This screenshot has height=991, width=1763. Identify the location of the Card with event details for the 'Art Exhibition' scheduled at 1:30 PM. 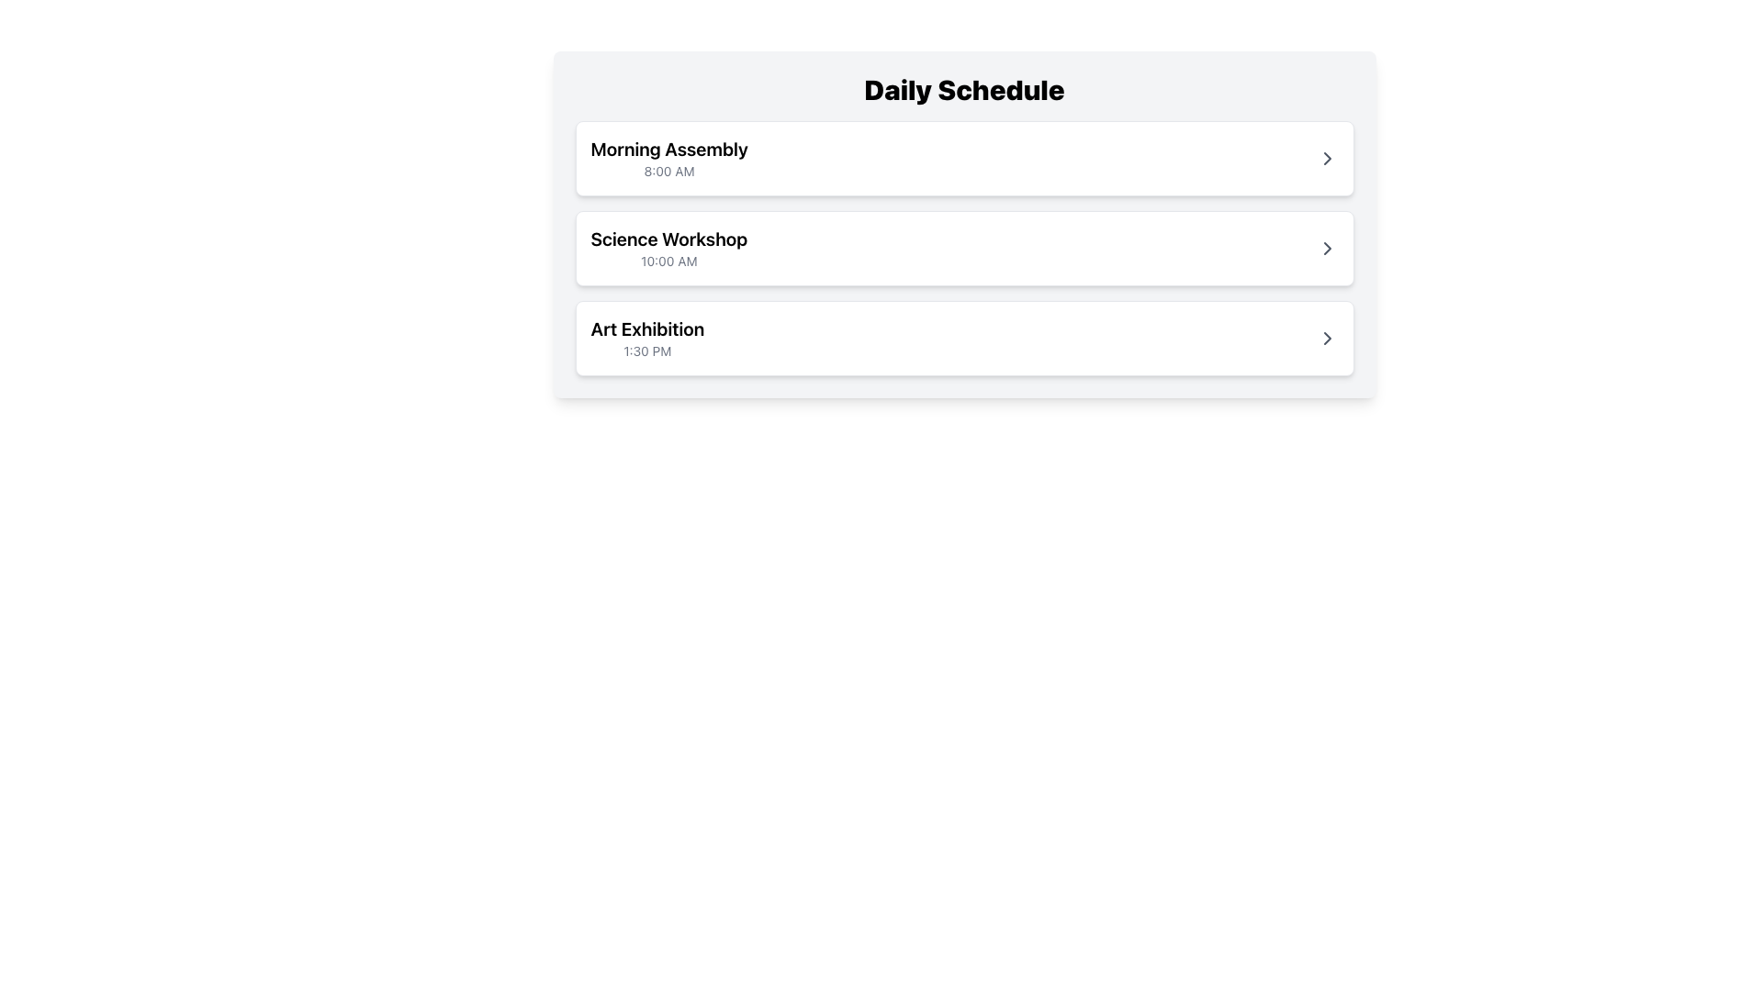
(963, 339).